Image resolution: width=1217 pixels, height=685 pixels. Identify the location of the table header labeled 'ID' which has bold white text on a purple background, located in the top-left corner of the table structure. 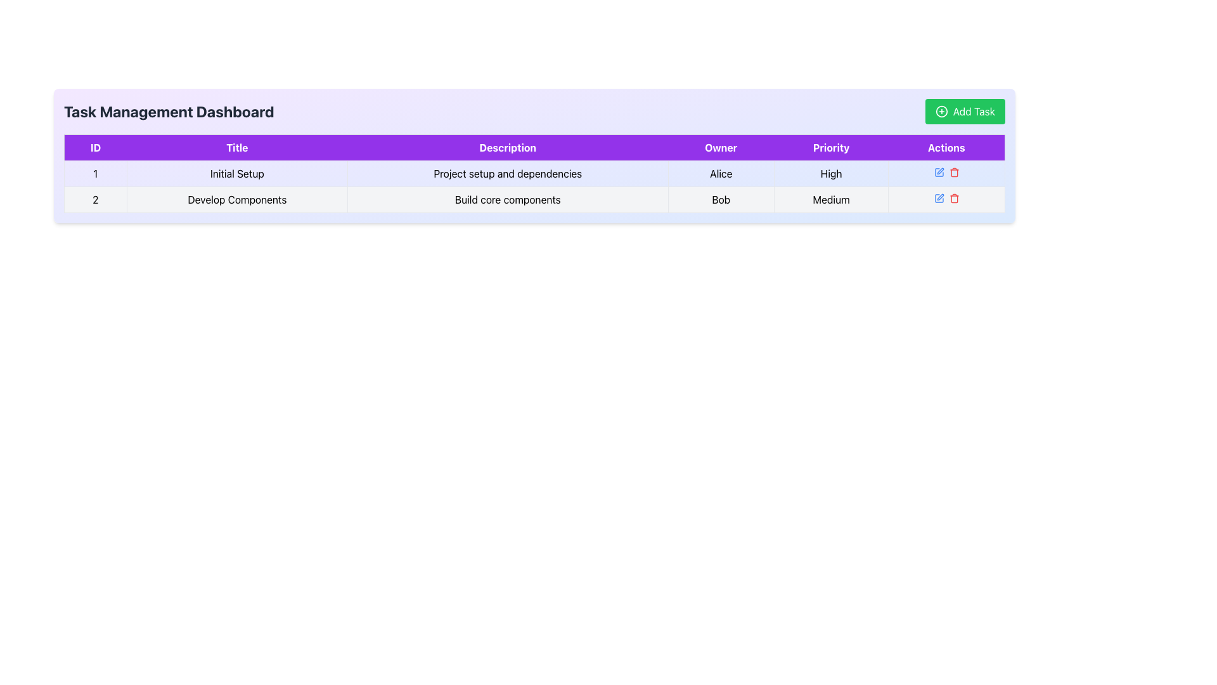
(94, 147).